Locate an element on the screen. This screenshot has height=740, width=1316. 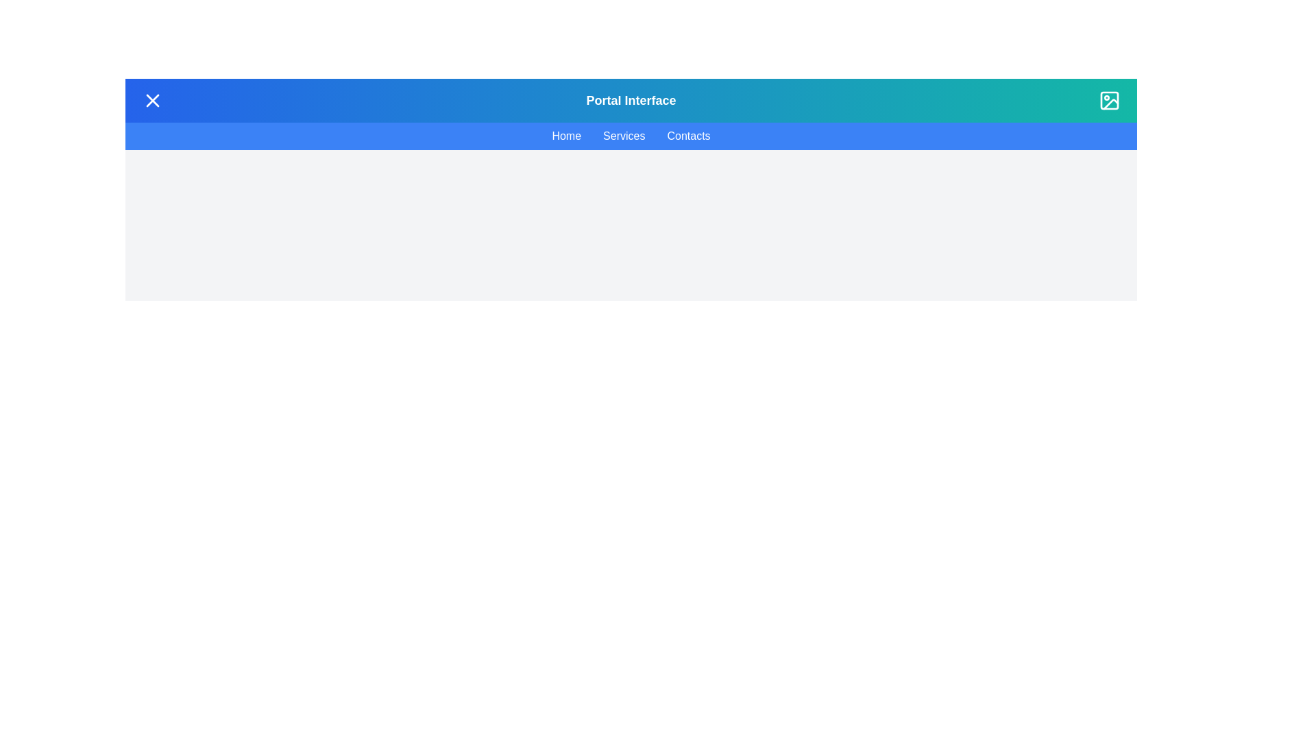
the menu item Services to navigate to the respective section is located at coordinates (623, 136).